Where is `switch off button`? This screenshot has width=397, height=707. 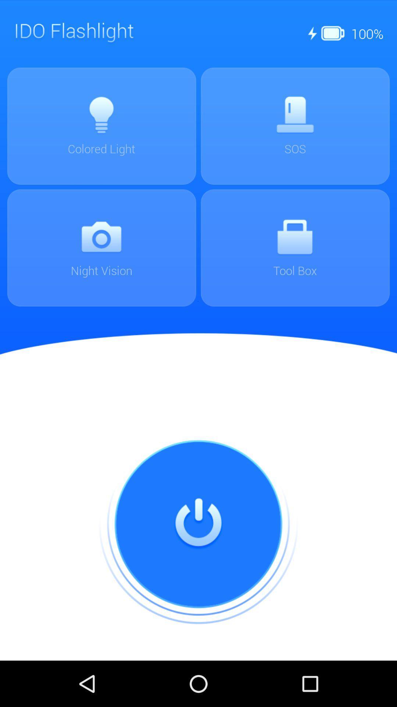
switch off button is located at coordinates (198, 524).